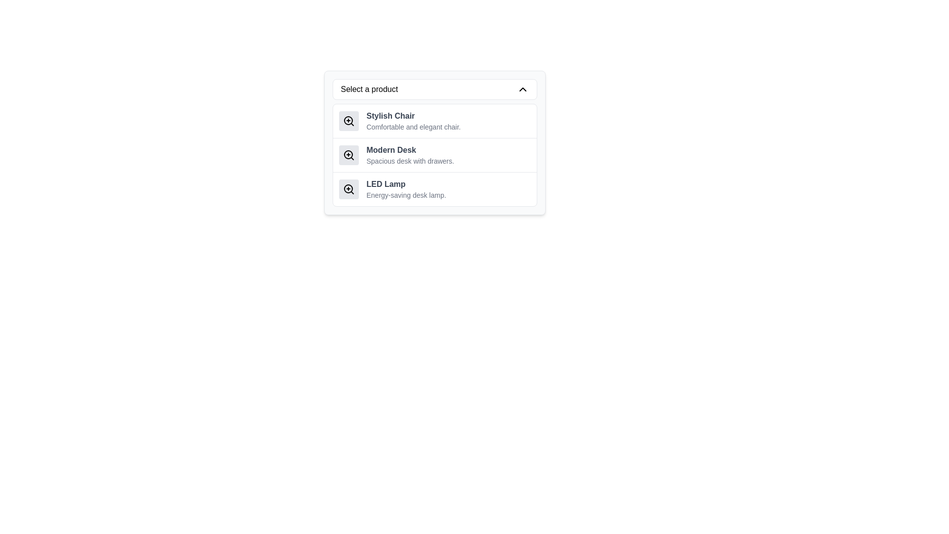 This screenshot has width=949, height=534. What do you see at coordinates (434, 189) in the screenshot?
I see `the selectable item for 'LED Lamp' in the product list` at bounding box center [434, 189].